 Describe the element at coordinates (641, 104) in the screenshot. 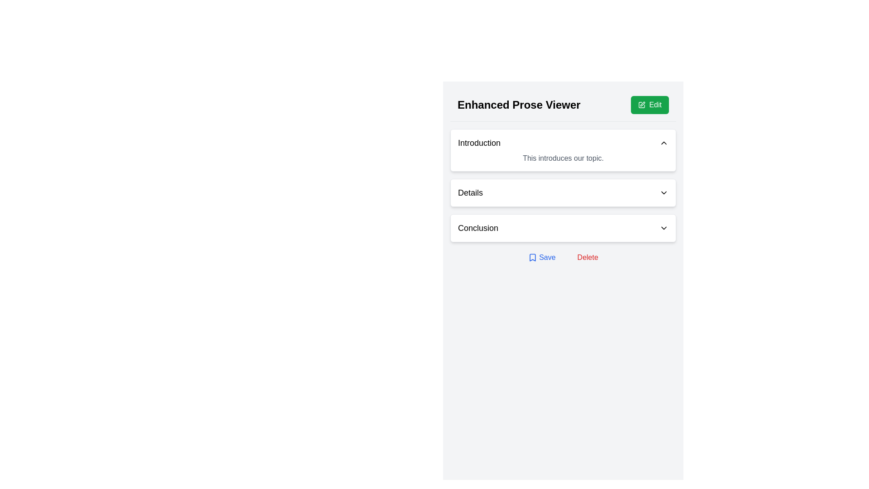

I see `the small square icon resembling a pen, which is embedded within the 'Edit' button located in the top-right corner of the content area` at that location.